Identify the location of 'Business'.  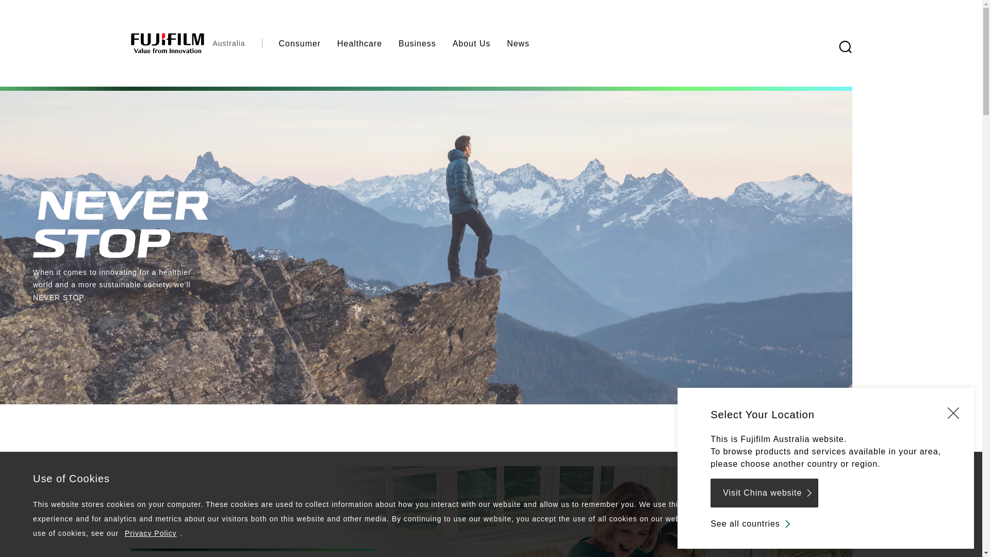
(417, 43).